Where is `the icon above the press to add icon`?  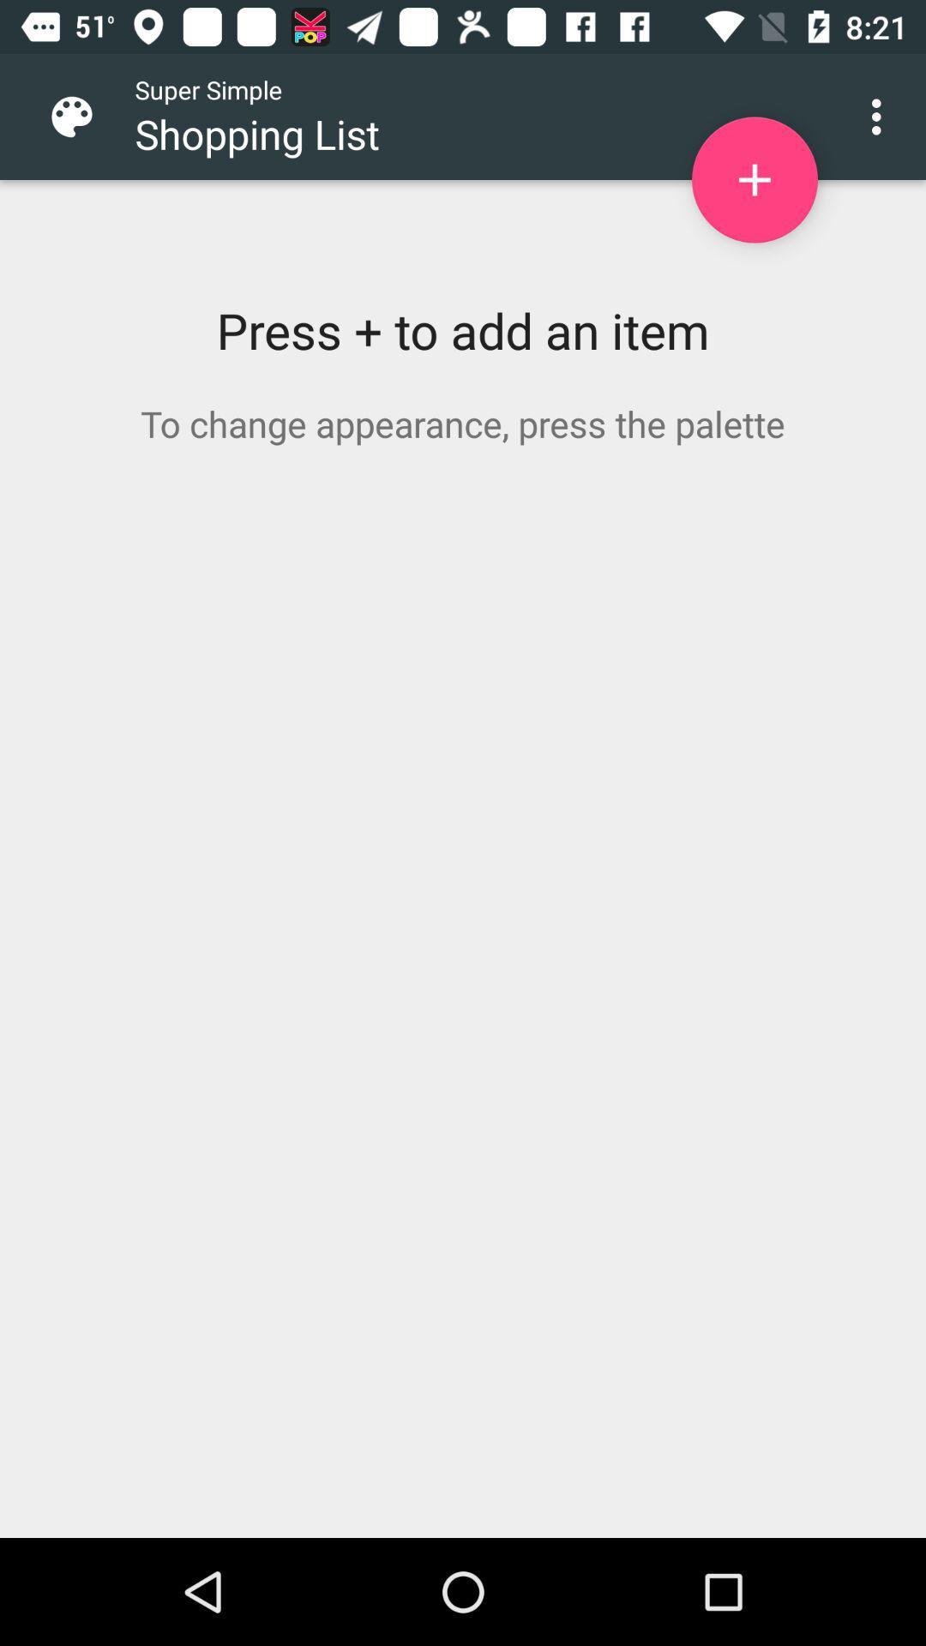
the icon above the press to add icon is located at coordinates (85, 116).